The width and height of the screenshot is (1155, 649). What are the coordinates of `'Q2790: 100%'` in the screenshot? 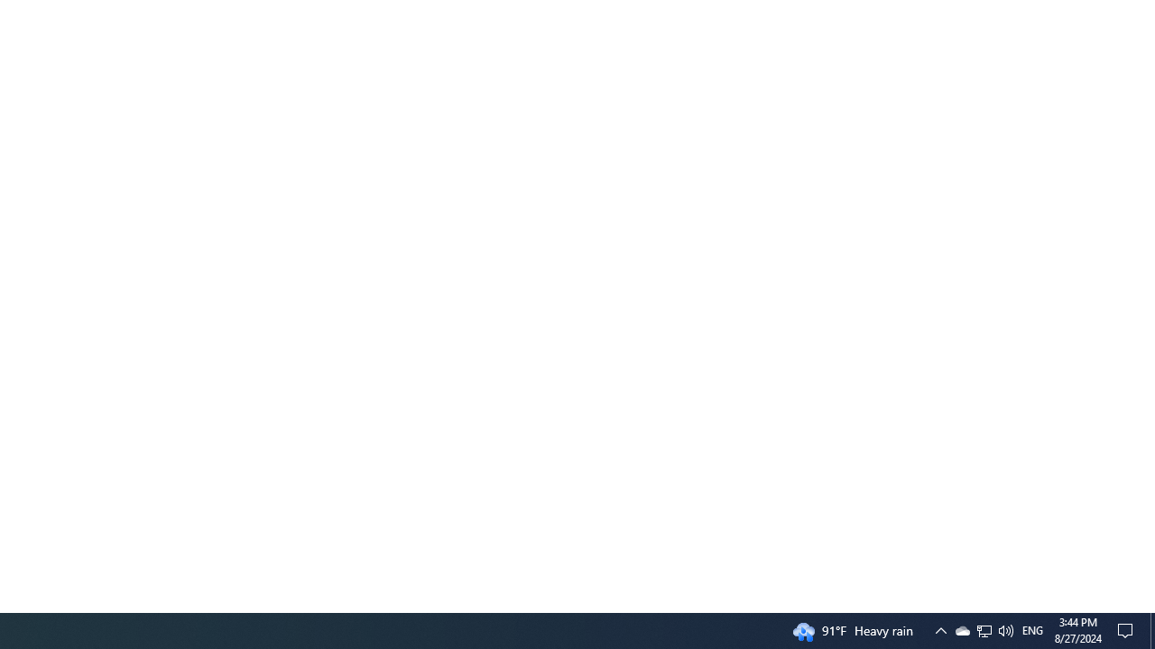 It's located at (1004, 629).